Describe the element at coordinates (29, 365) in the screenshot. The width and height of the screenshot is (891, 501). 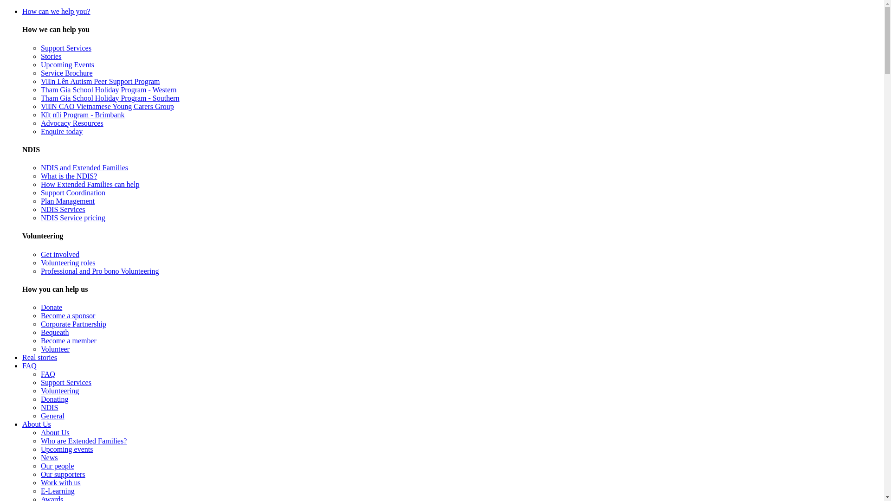
I see `'FAQ'` at that location.